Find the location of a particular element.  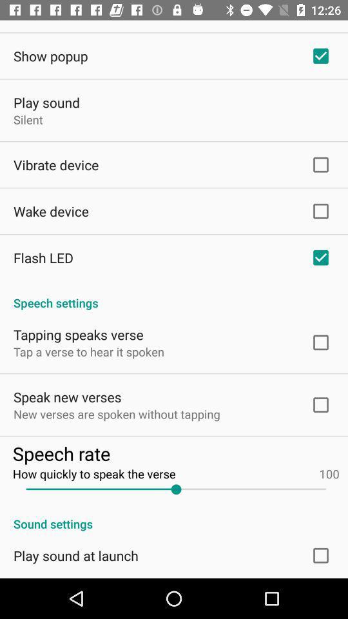

icon below the vibrate device is located at coordinates (50, 211).